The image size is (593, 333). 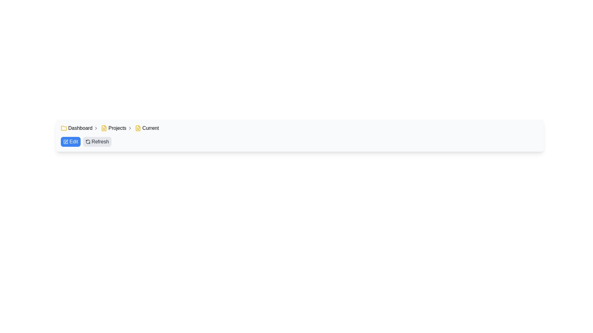 What do you see at coordinates (66, 141) in the screenshot?
I see `the edit icon, which is represented by a square with a pen, located within the editing button of the interface` at bounding box center [66, 141].